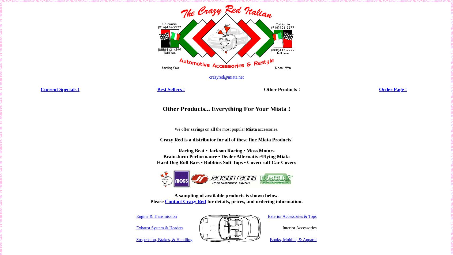  Describe the element at coordinates (292, 216) in the screenshot. I see `'Exterior Accessories & 
                Tops'` at that location.